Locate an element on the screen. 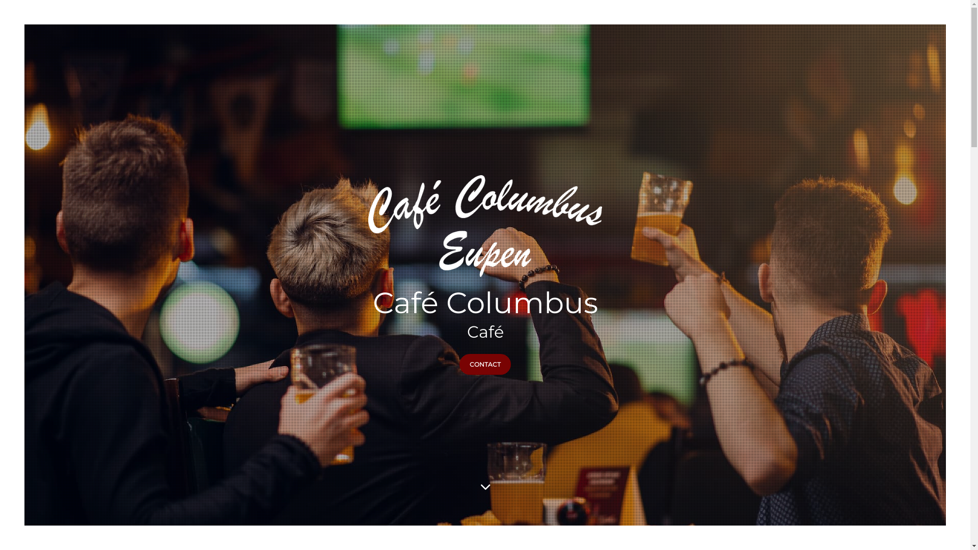 The width and height of the screenshot is (978, 550). 'CONTACT' is located at coordinates (484, 364).